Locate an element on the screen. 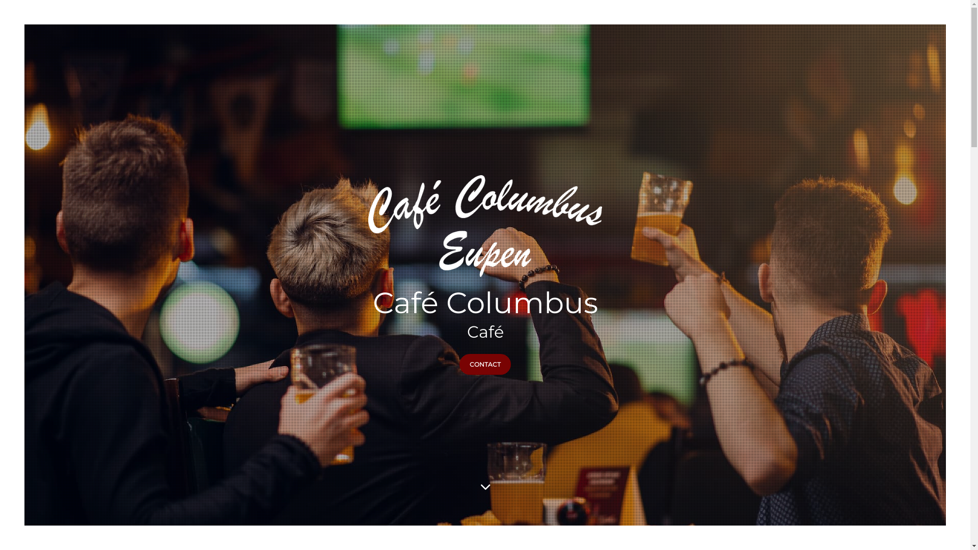 The width and height of the screenshot is (978, 550). 'CONTACT' is located at coordinates (484, 364).